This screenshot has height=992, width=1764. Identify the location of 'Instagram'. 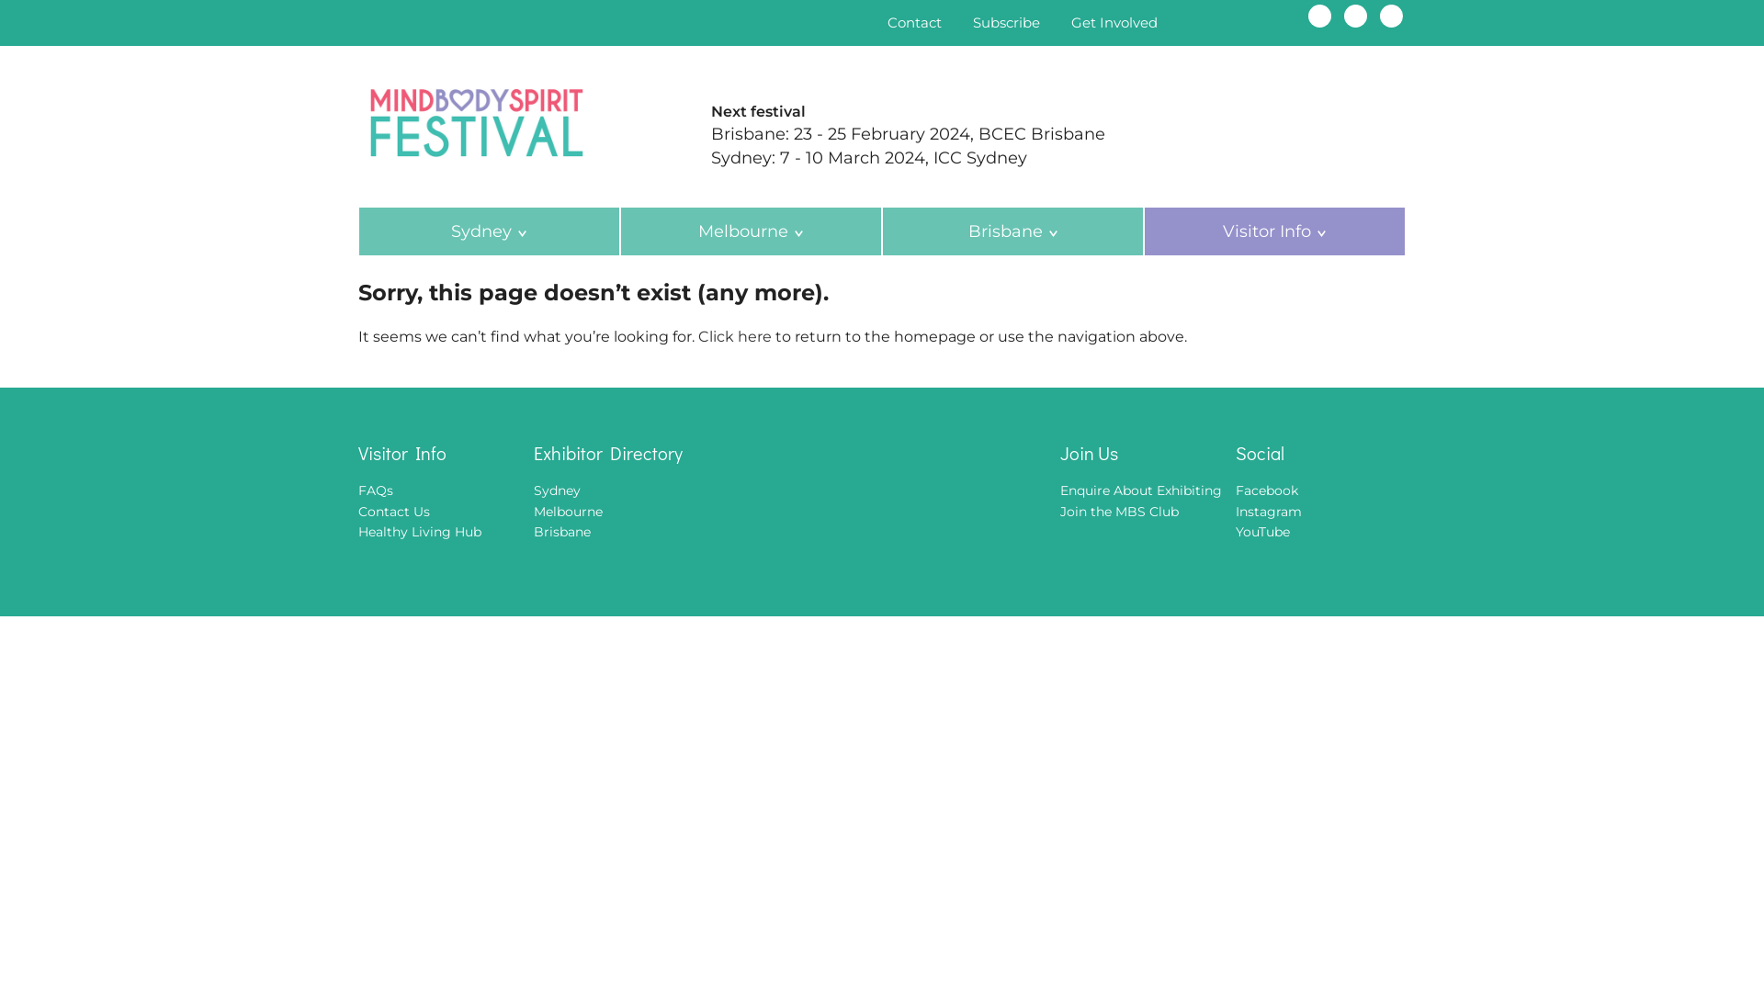
(1355, 16).